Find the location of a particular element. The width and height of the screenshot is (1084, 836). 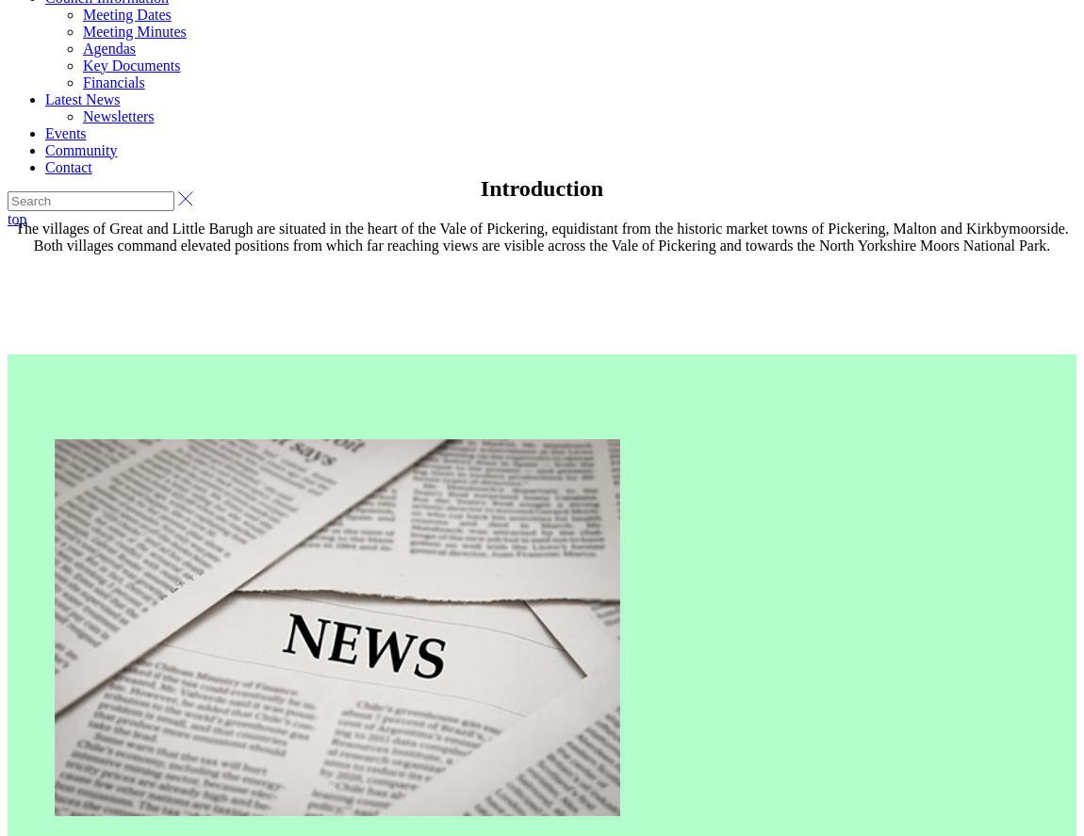

'Meeting Dates' is located at coordinates (81, 13).